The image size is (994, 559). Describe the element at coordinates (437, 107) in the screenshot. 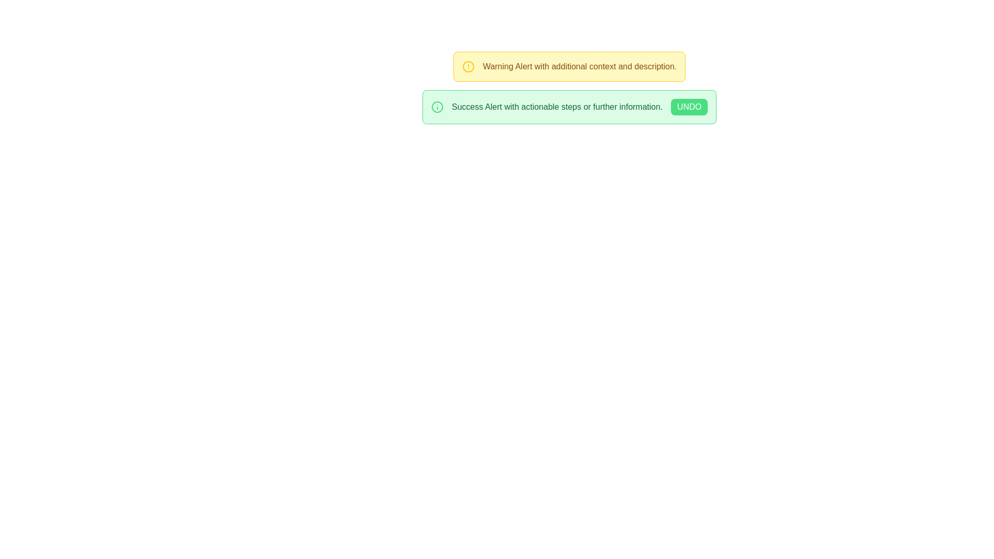

I see `the green circular graphical icon located in the left portion of a success message alert` at that location.